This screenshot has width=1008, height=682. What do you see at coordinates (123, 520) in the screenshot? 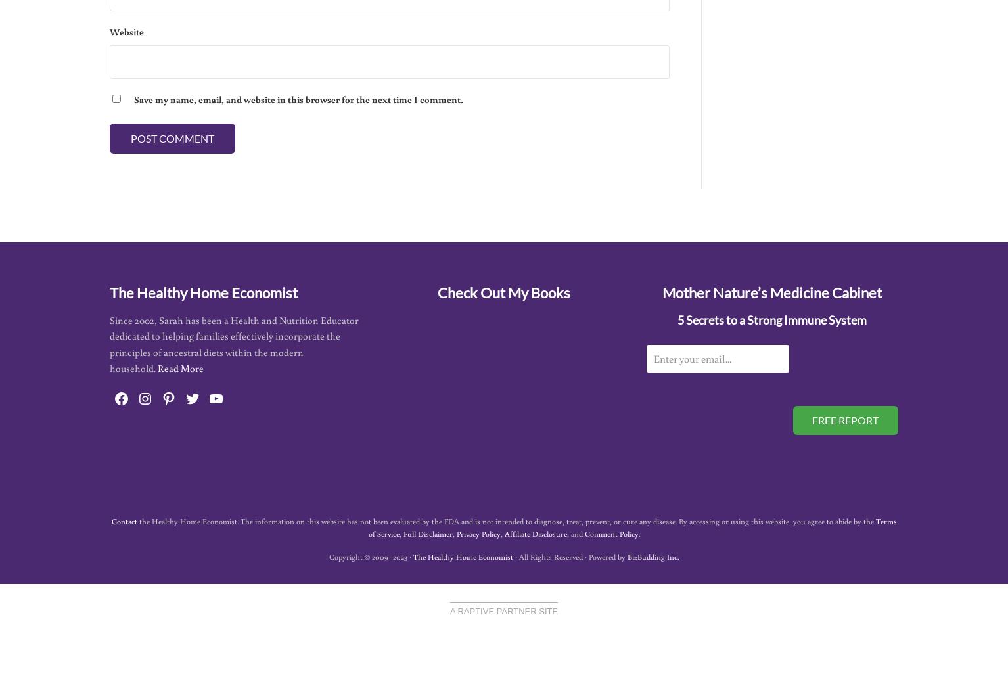
I see `'Contact'` at bounding box center [123, 520].